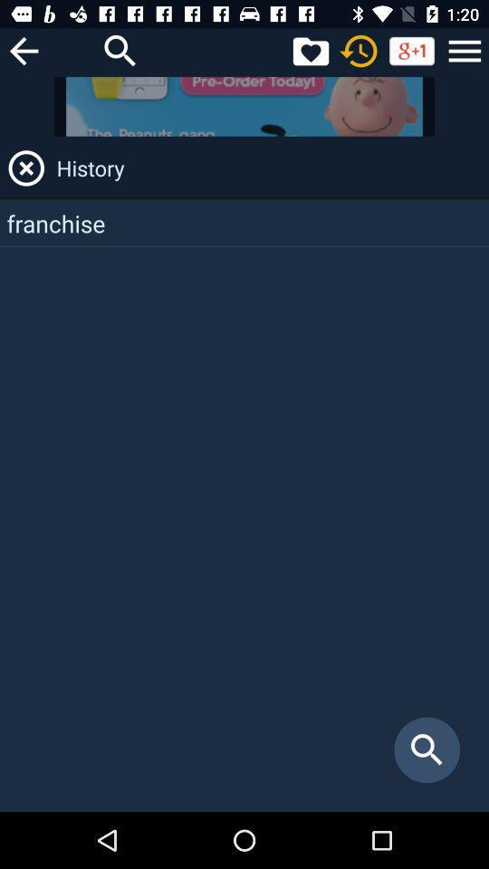 The width and height of the screenshot is (489, 869). I want to click on the item above history, so click(244, 106).